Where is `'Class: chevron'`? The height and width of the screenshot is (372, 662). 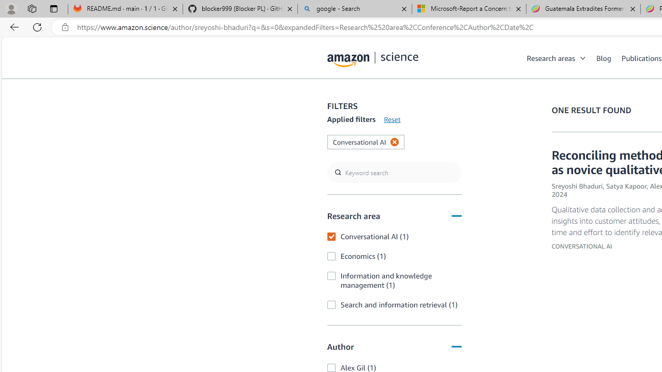
'Class: chevron' is located at coordinates (583, 60).